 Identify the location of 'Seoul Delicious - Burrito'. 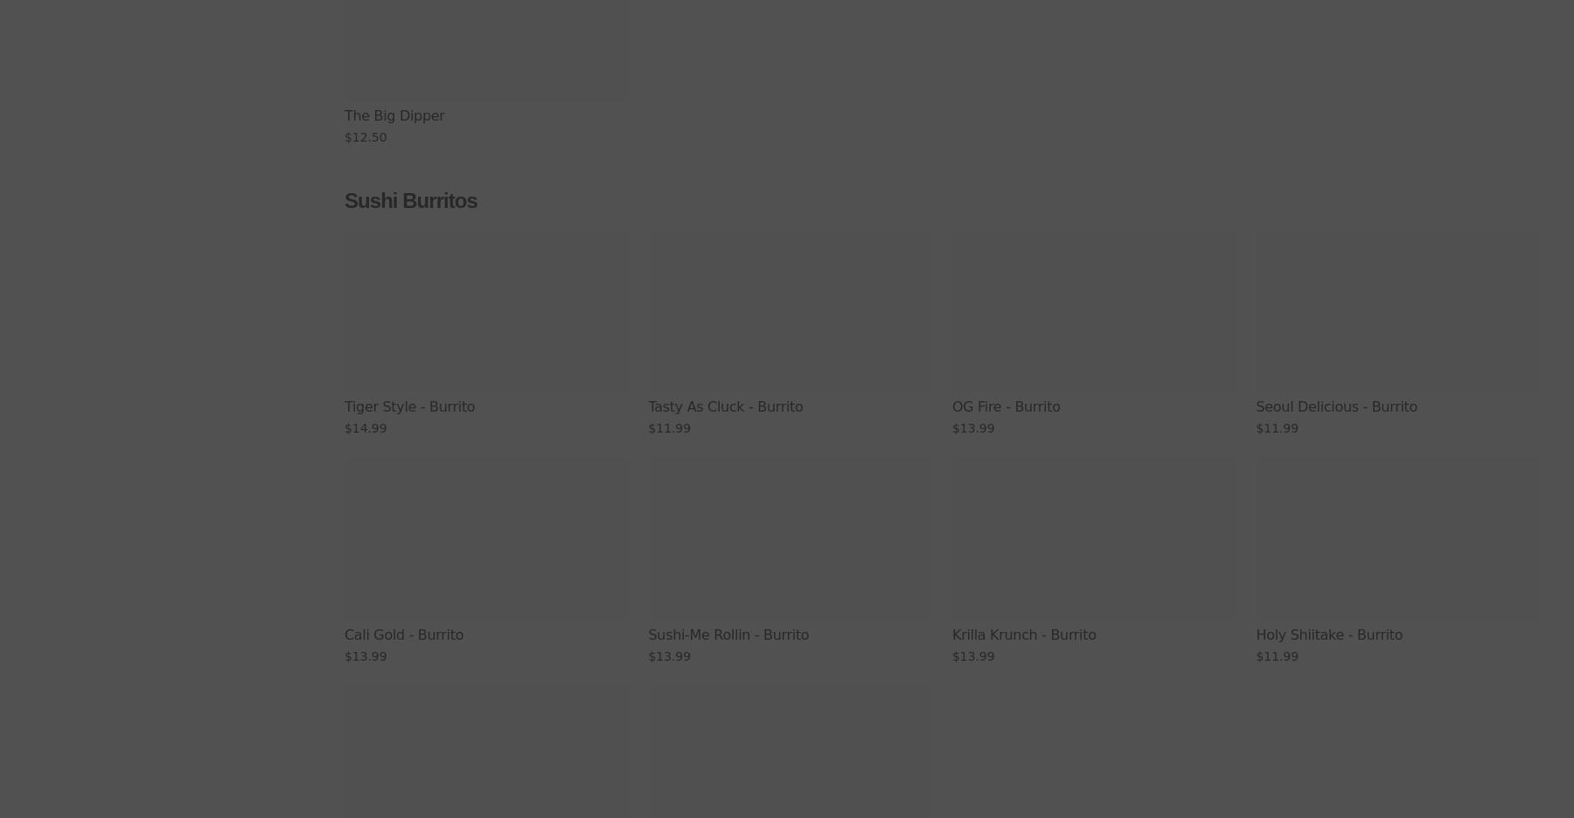
(1336, 406).